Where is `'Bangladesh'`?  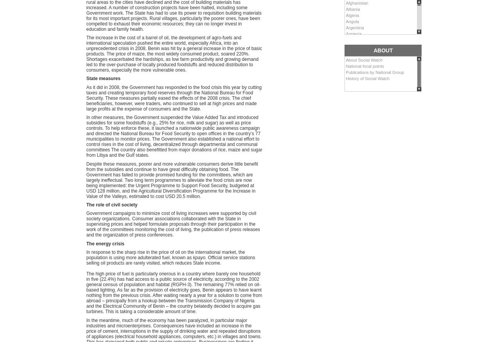
'Bangladesh' is located at coordinates (345, 52).